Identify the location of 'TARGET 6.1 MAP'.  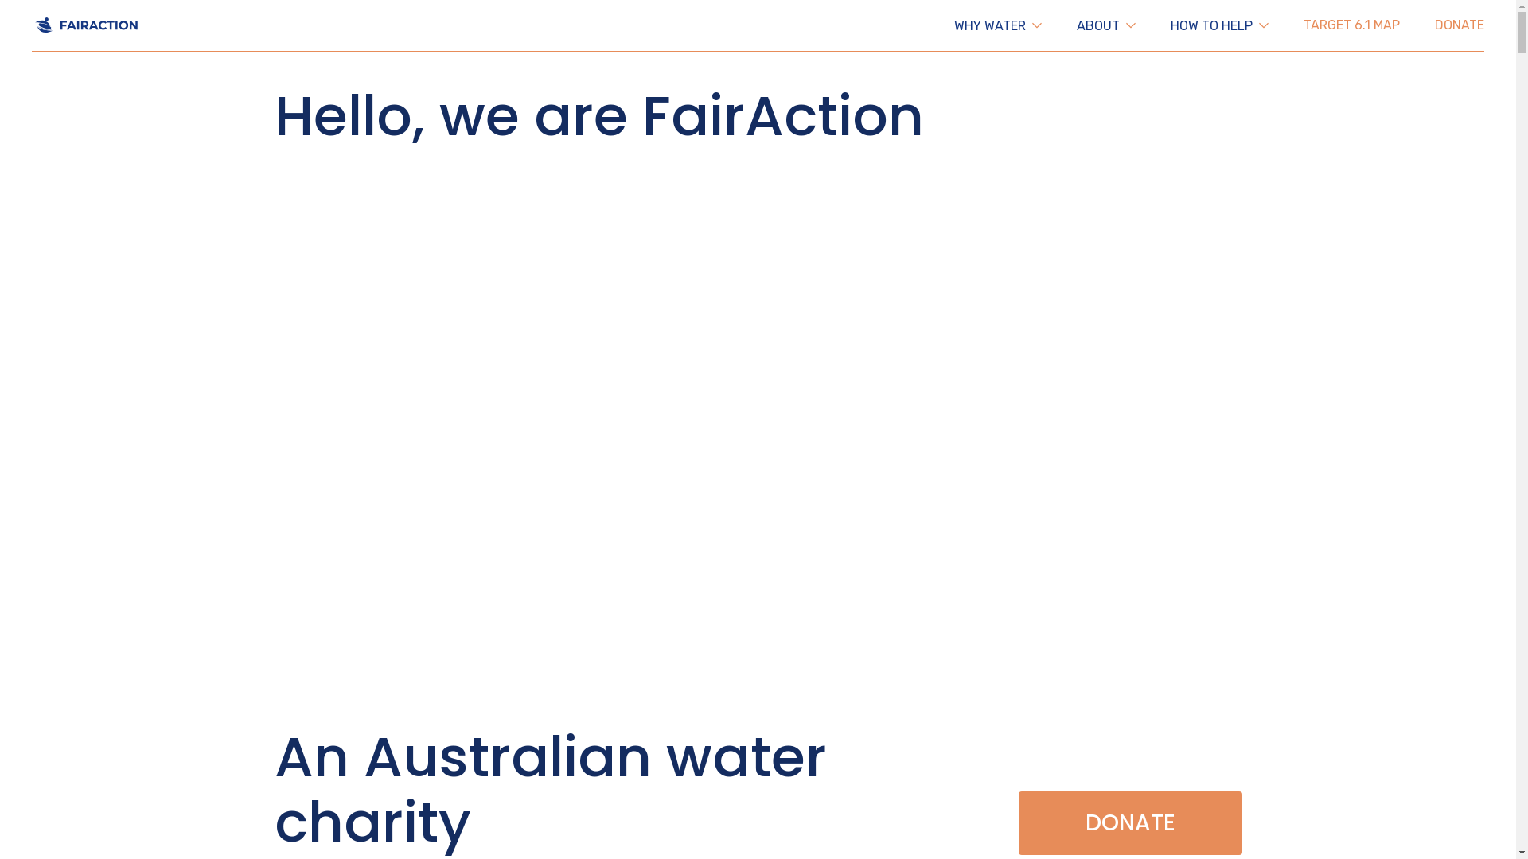
(1303, 25).